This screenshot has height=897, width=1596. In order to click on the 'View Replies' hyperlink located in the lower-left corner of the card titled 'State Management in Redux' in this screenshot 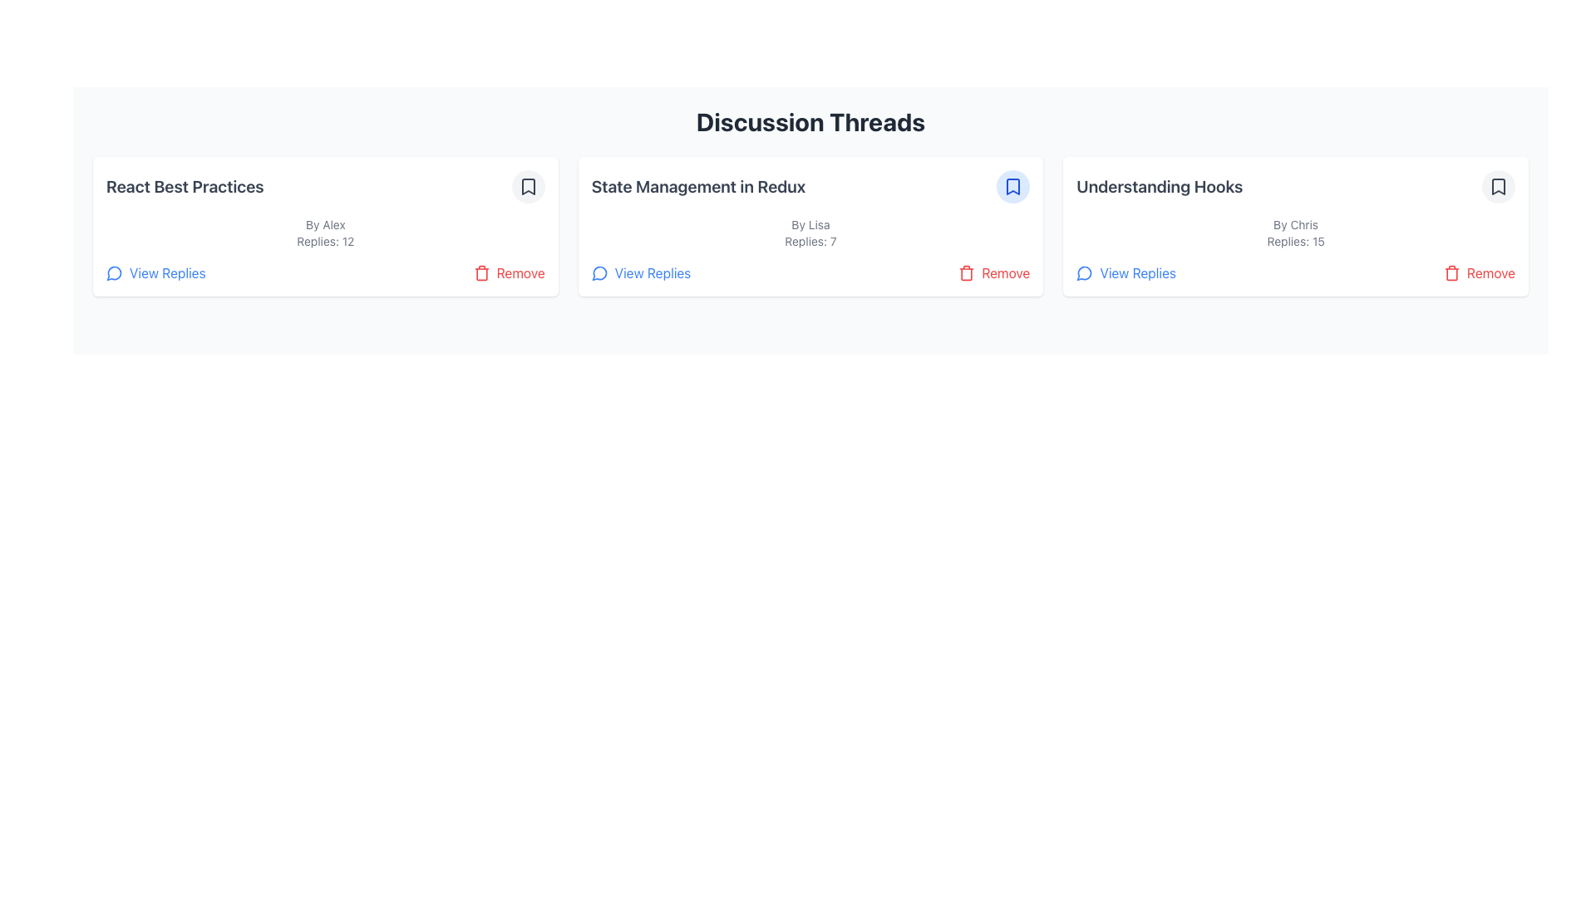, I will do `click(652, 272)`.